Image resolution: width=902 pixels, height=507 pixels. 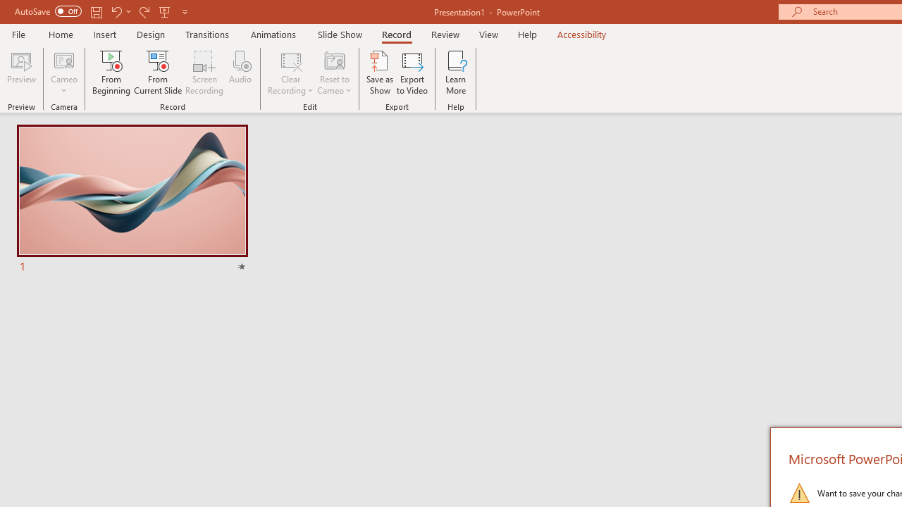 I want to click on 'From Beginning...', so click(x=111, y=73).